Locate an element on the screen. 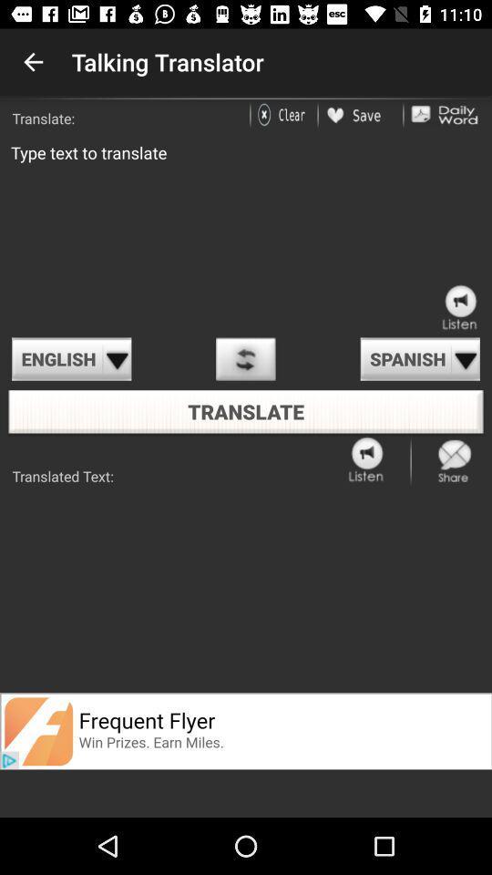 The width and height of the screenshot is (492, 875). type what to translate is located at coordinates (246, 231).